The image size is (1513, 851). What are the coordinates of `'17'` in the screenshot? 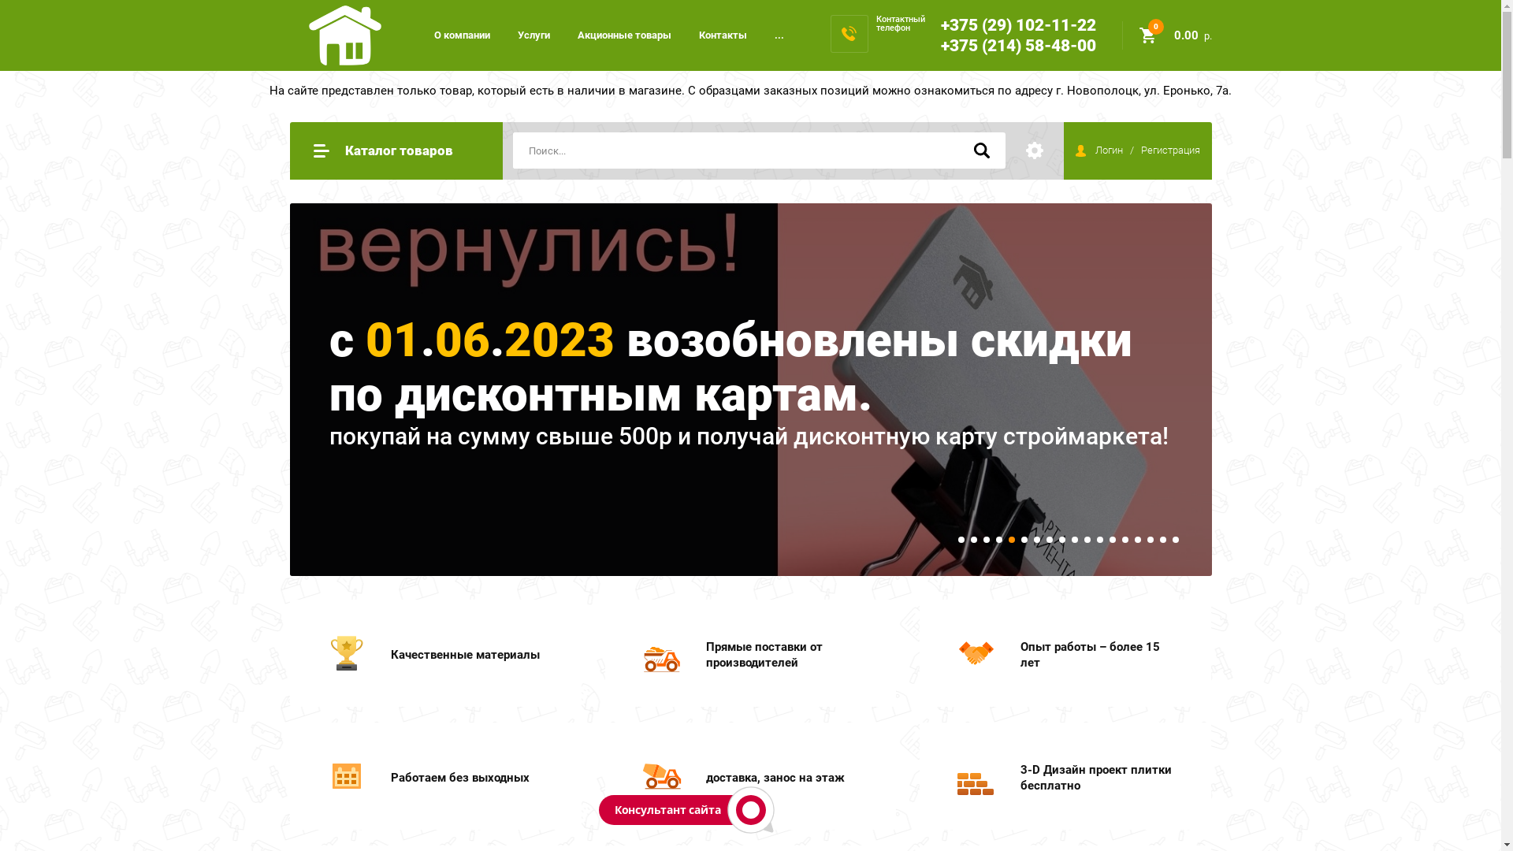 It's located at (1163, 539).